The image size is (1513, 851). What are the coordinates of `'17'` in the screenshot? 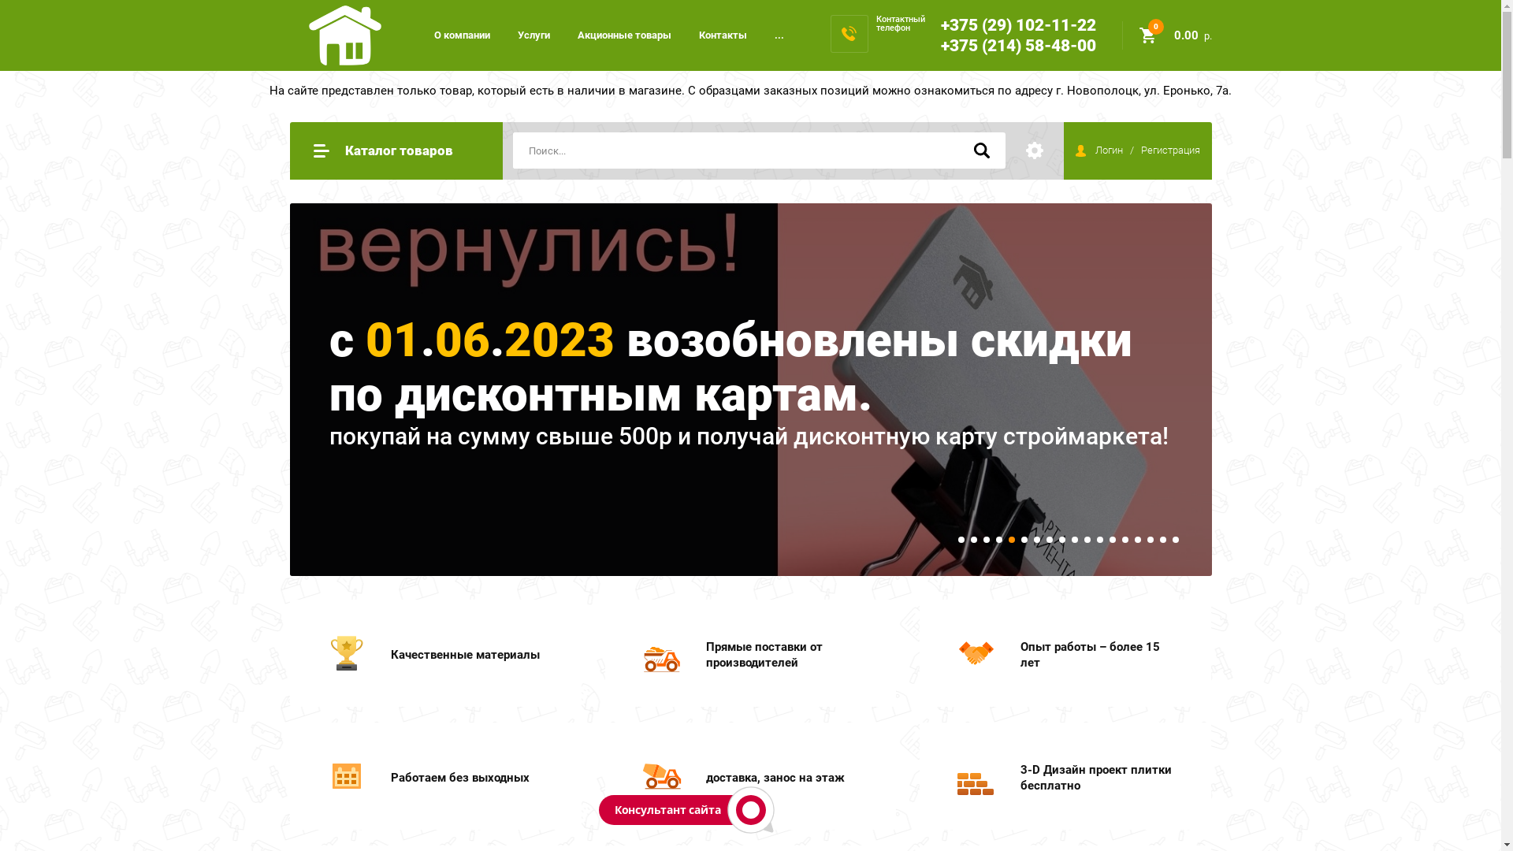 It's located at (1163, 539).